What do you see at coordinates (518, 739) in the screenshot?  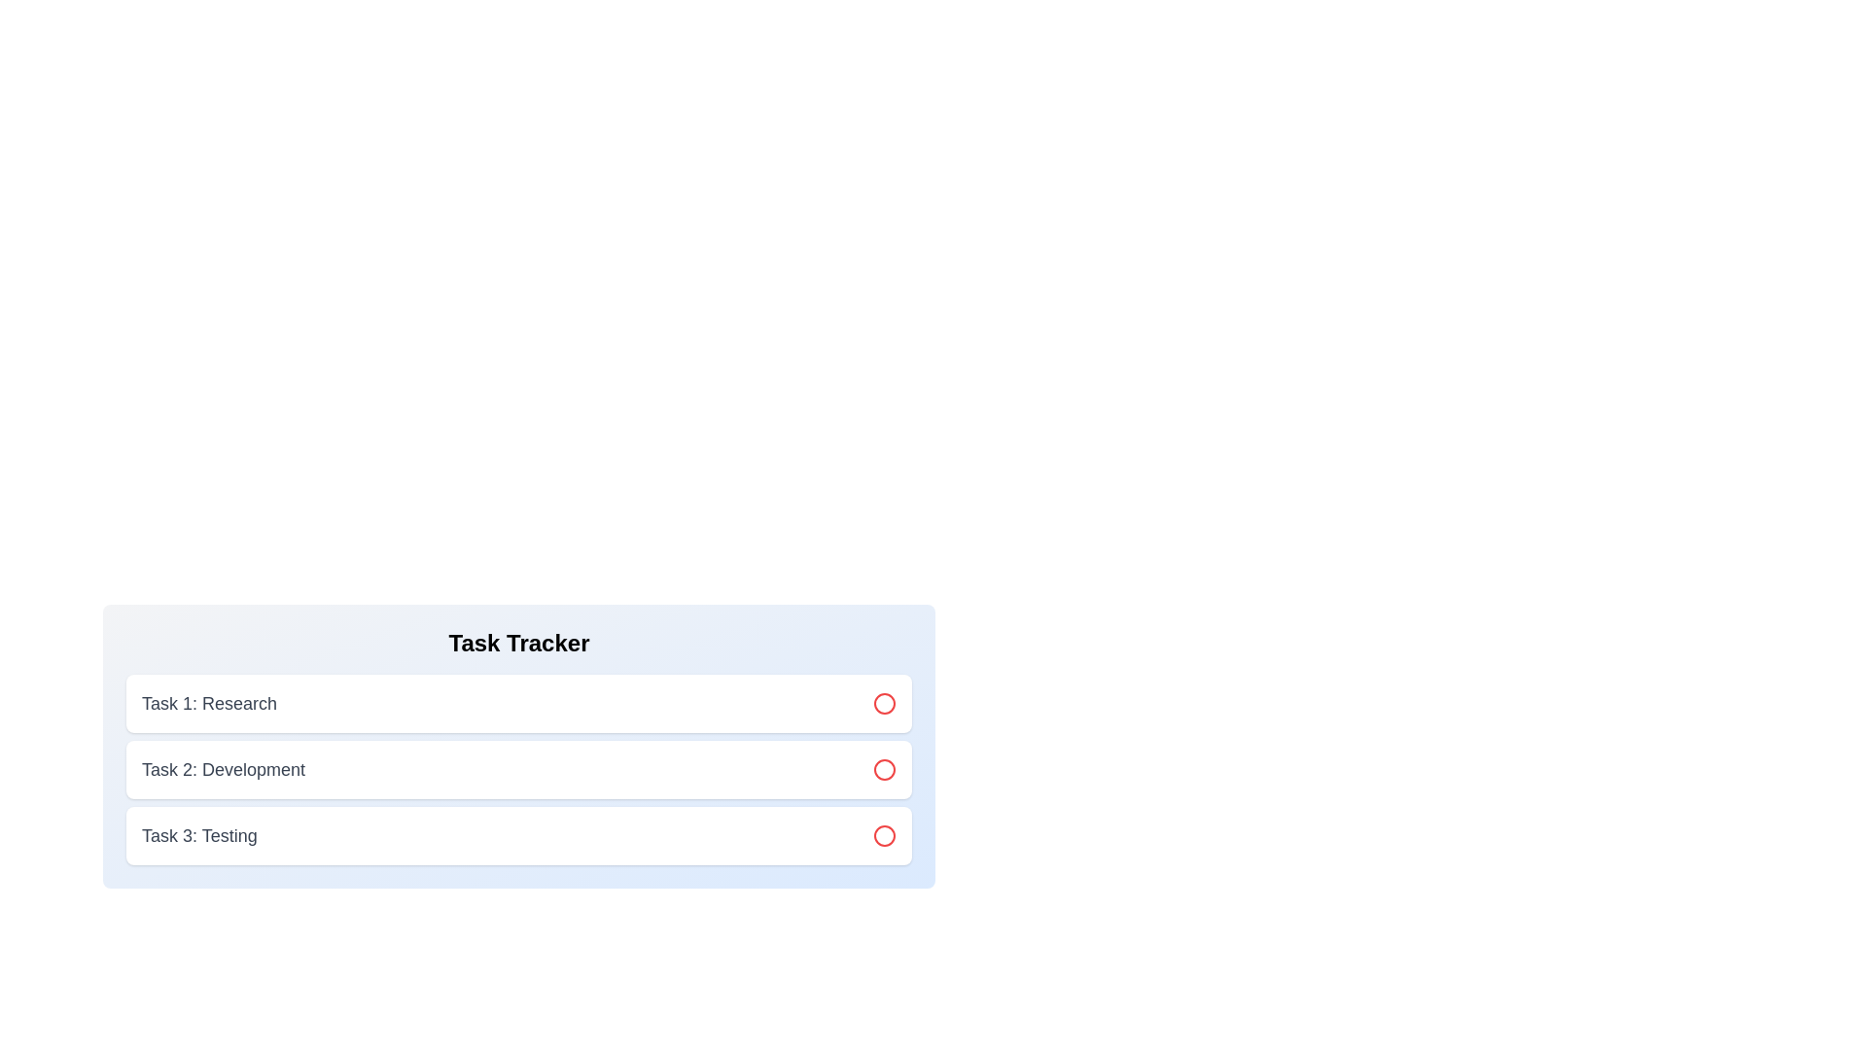 I see `the background of the TaskManager component` at bounding box center [518, 739].